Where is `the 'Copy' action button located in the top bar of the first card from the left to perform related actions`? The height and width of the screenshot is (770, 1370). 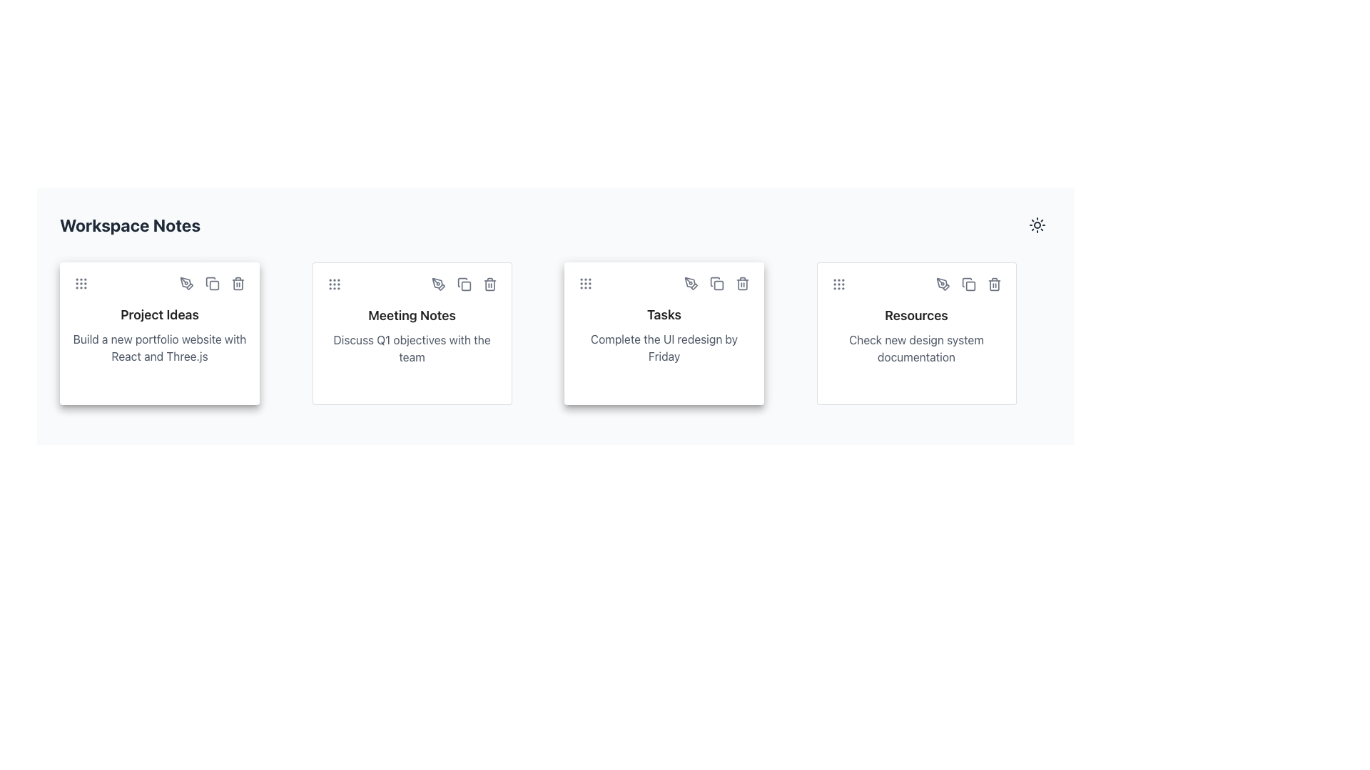 the 'Copy' action button located in the top bar of the first card from the left to perform related actions is located at coordinates (211, 283).